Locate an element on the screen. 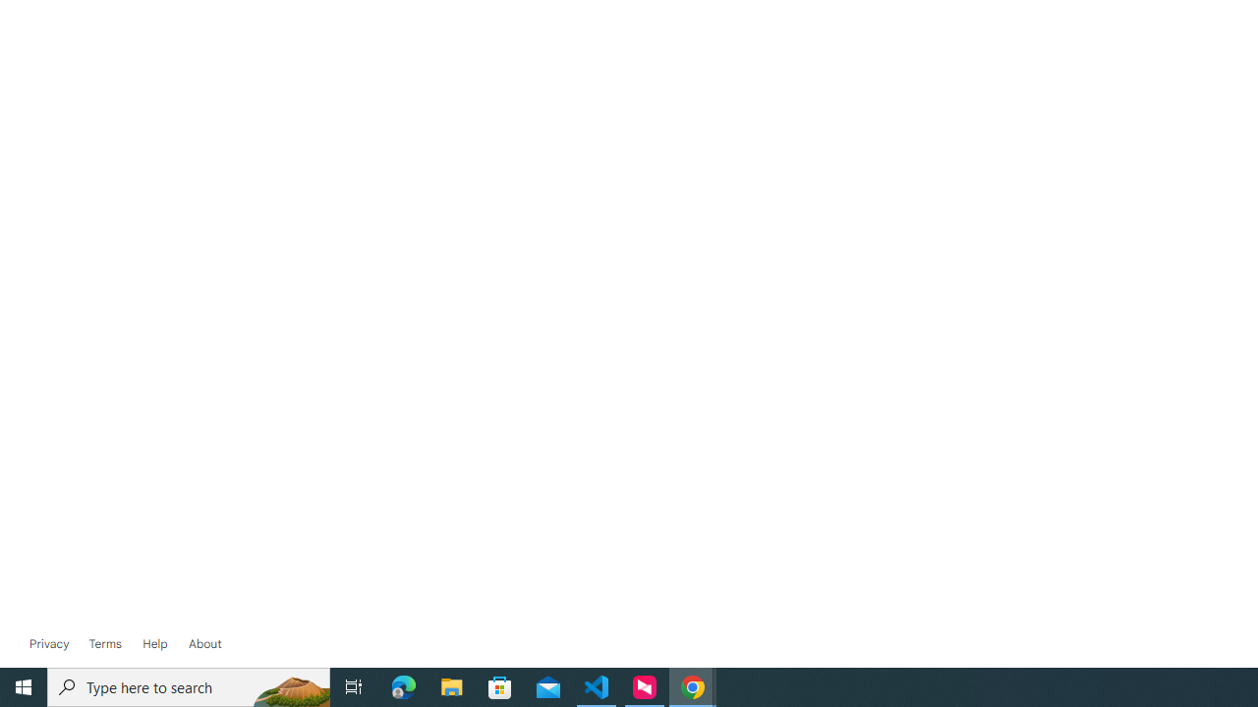 Image resolution: width=1258 pixels, height=707 pixels. 'Help' is located at coordinates (154, 643).